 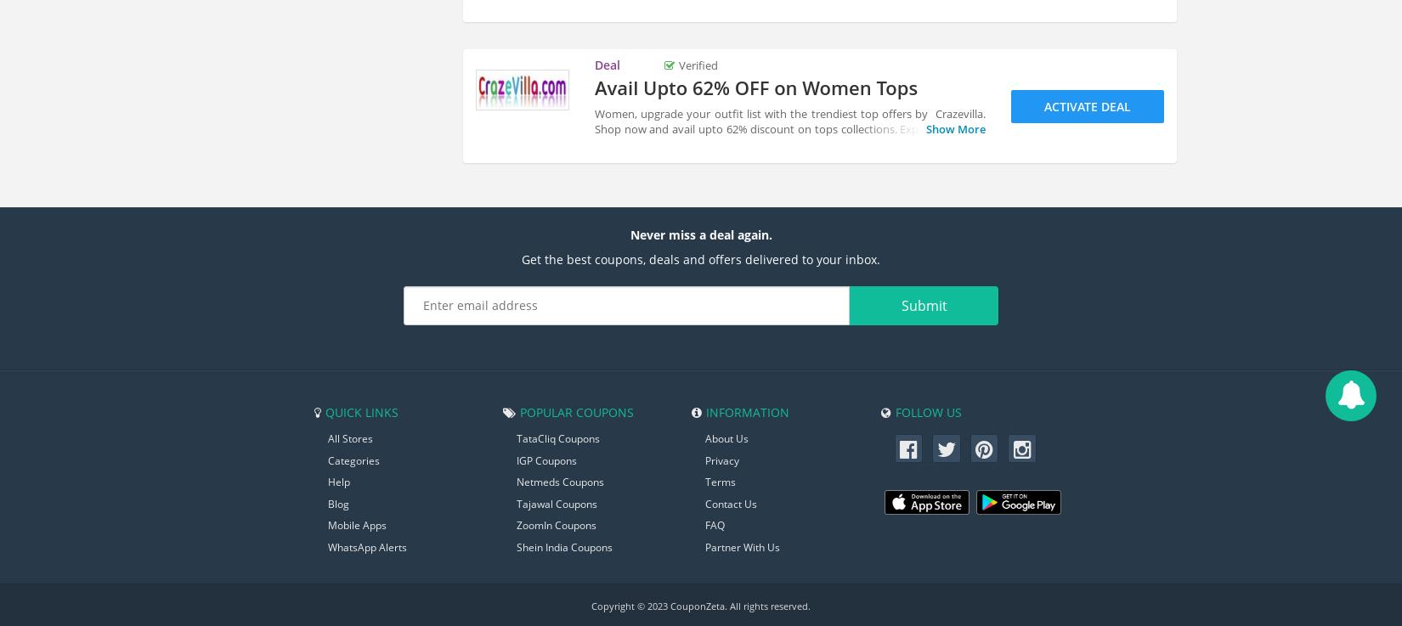 What do you see at coordinates (699, 233) in the screenshot?
I see `'Never miss a deal again.'` at bounding box center [699, 233].